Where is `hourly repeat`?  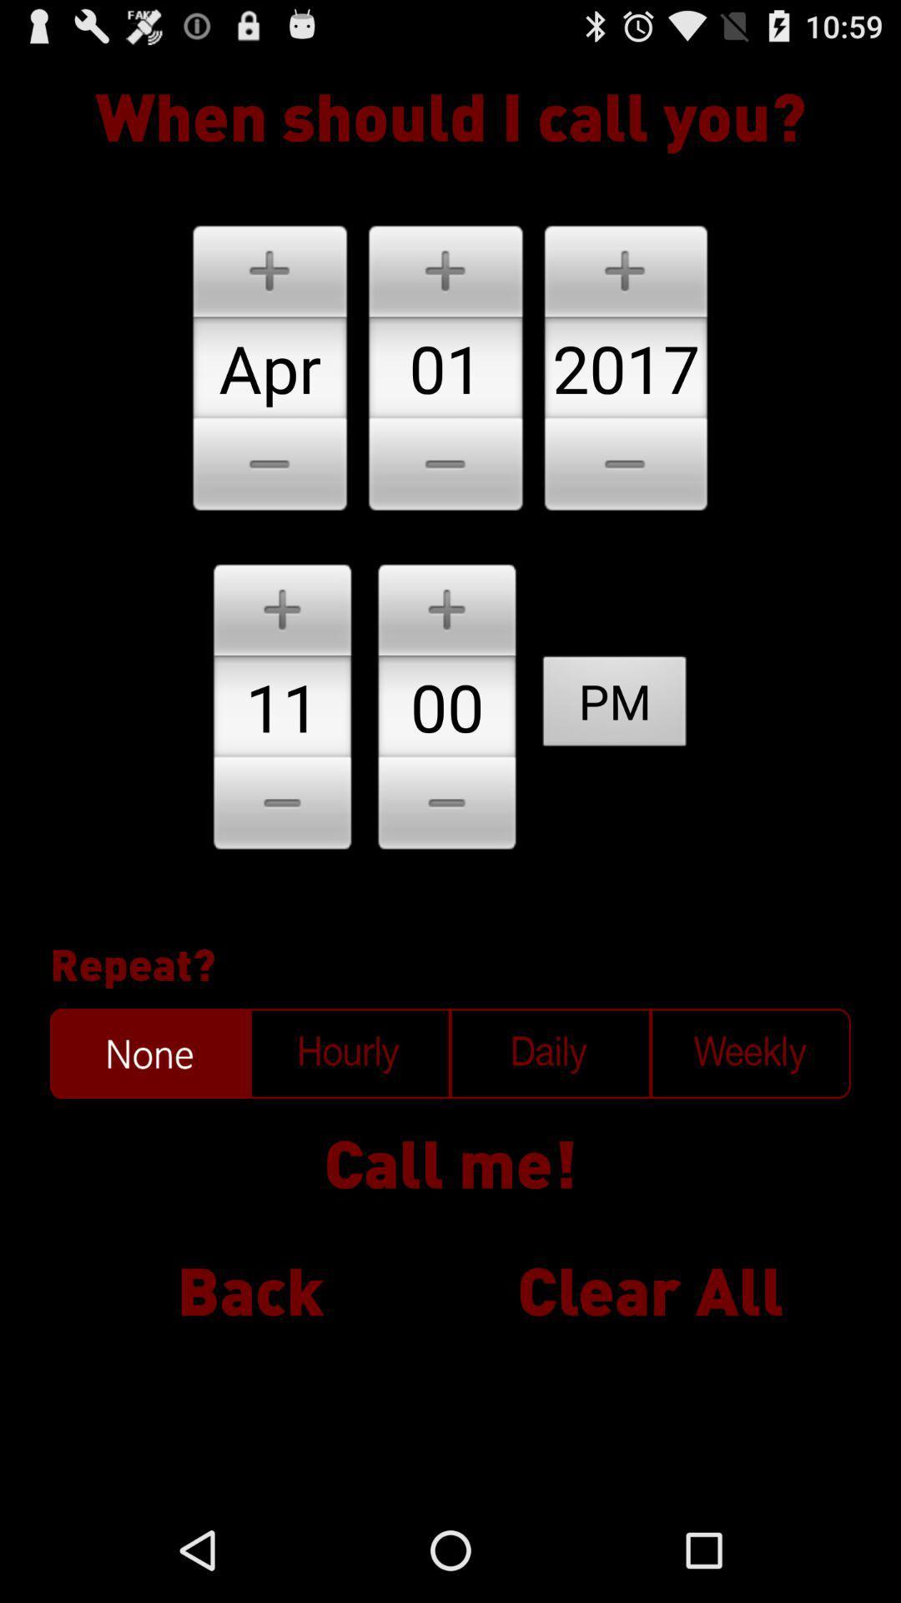
hourly repeat is located at coordinates (350, 1053).